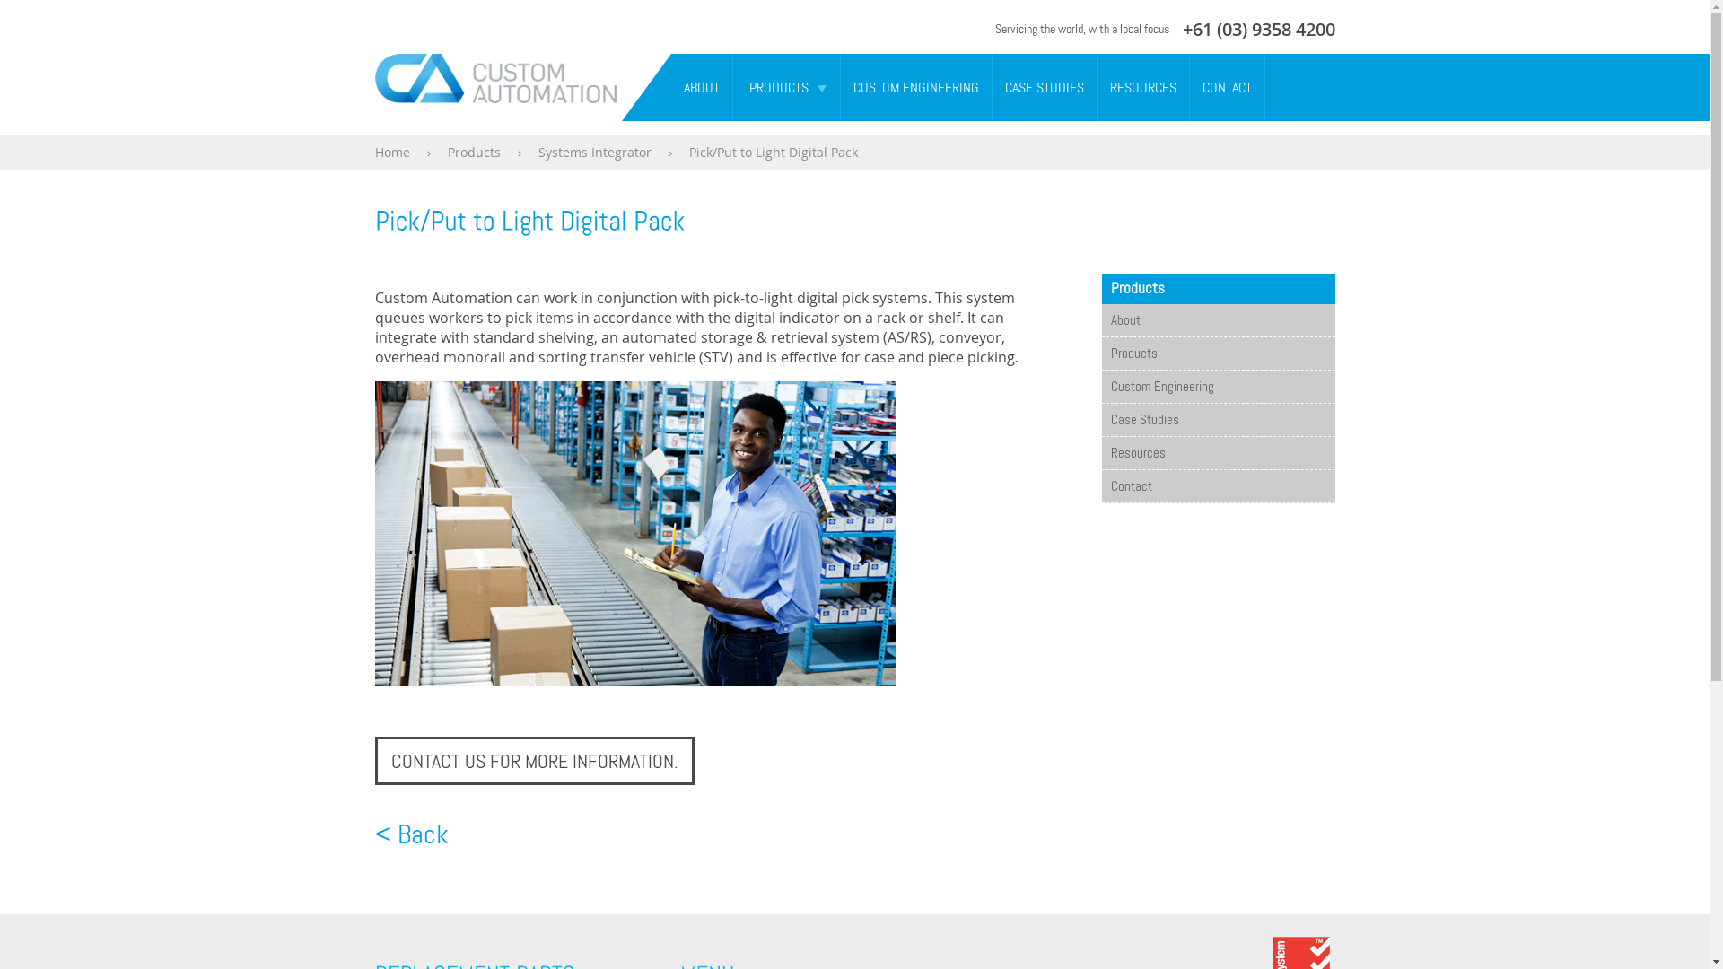 This screenshot has width=1723, height=969. What do you see at coordinates (1218, 353) in the screenshot?
I see `'Products'` at bounding box center [1218, 353].